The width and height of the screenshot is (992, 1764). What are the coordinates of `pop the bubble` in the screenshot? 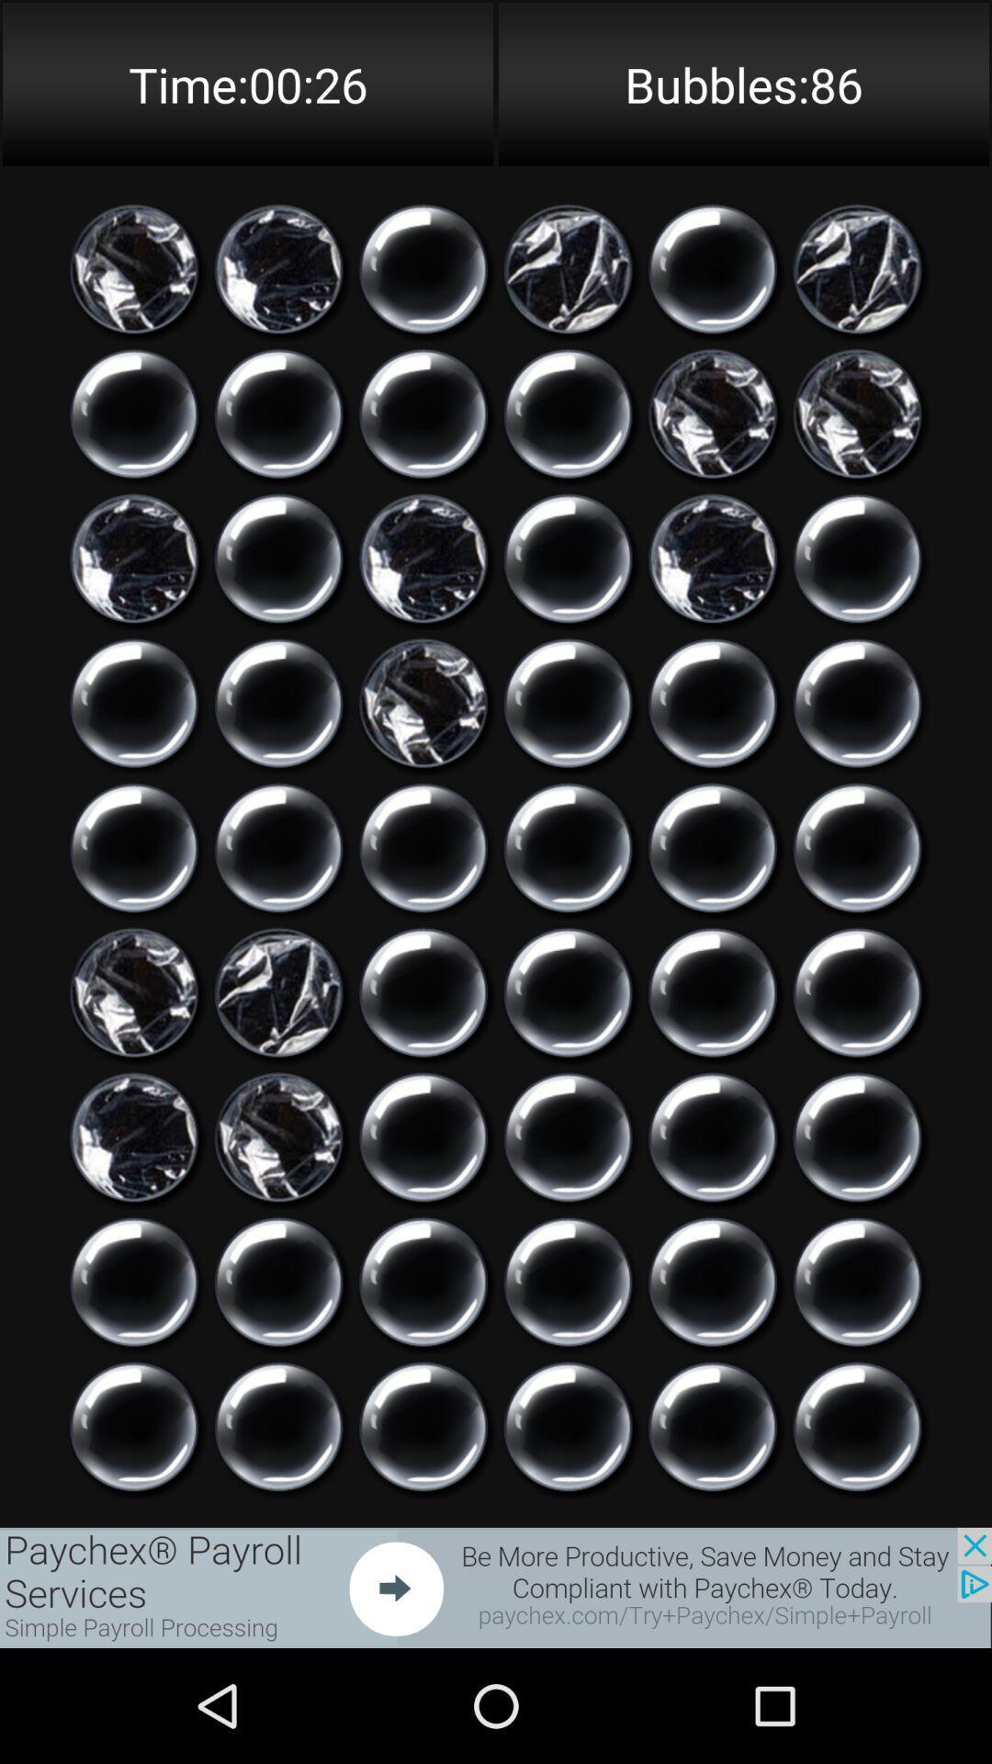 It's located at (423, 558).